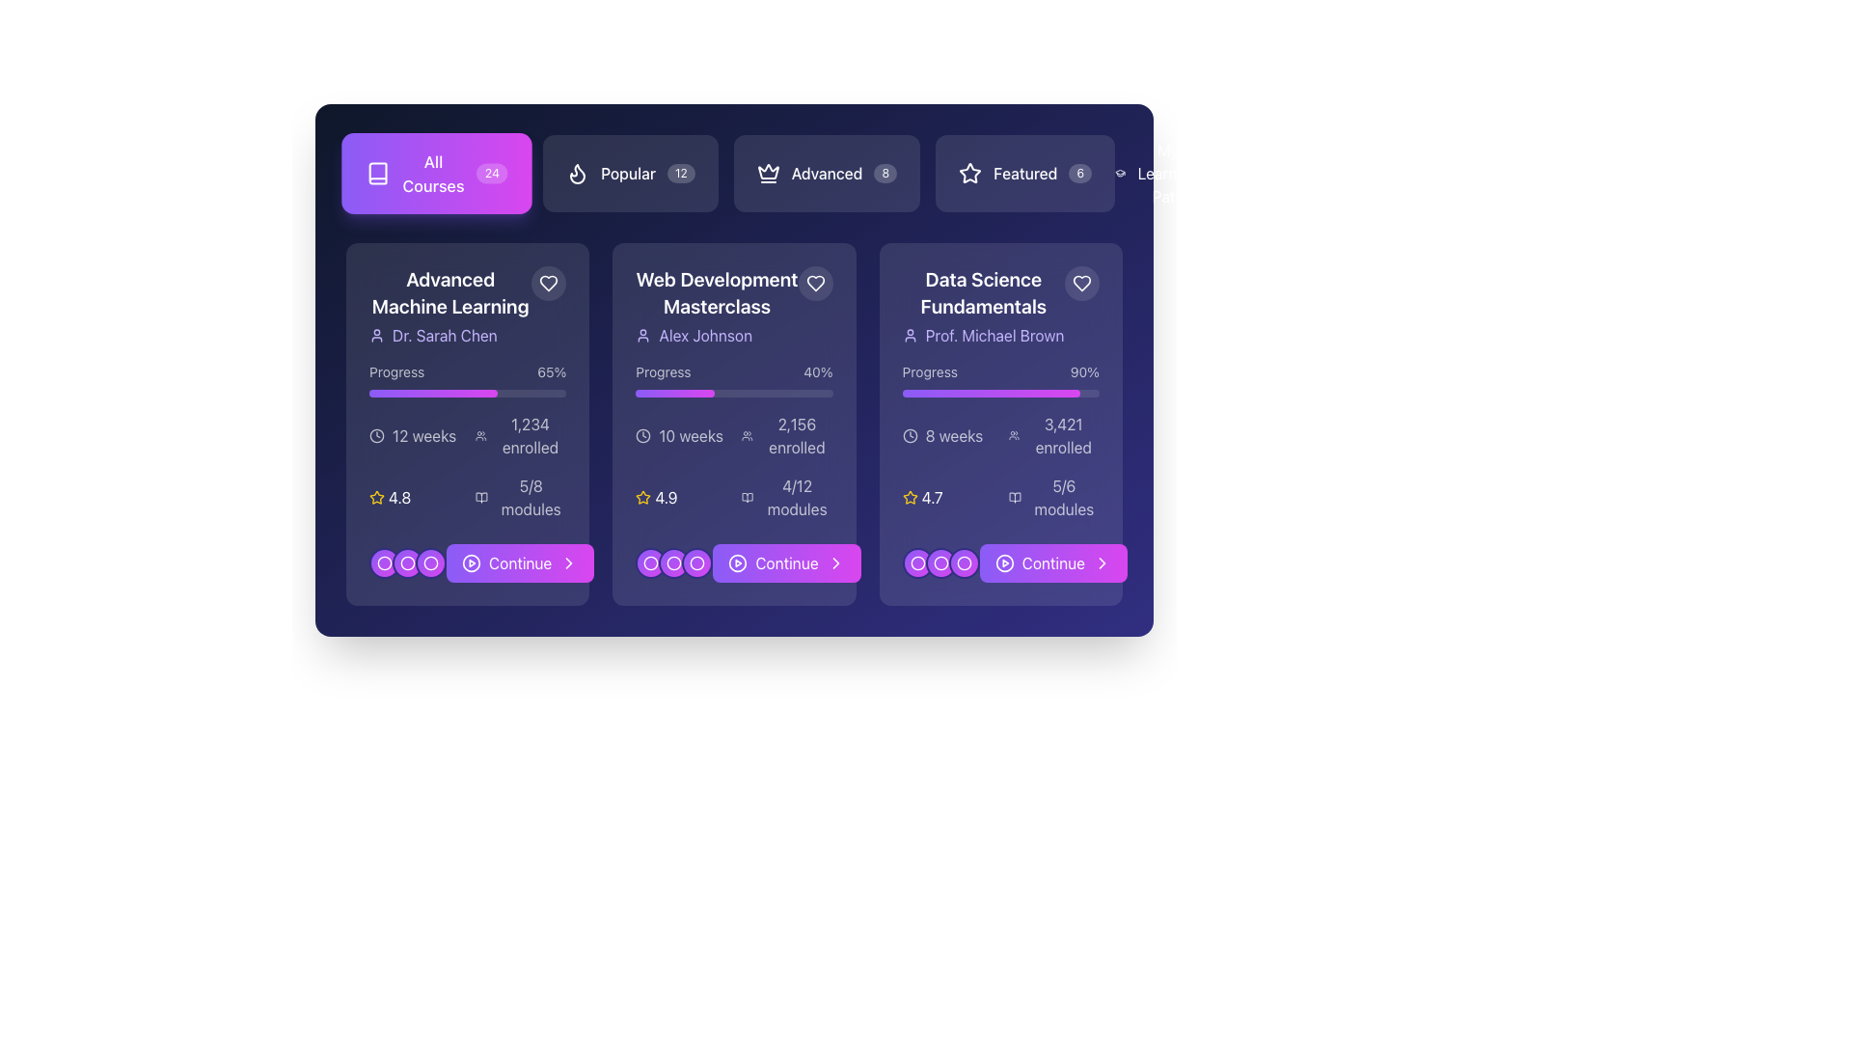  I want to click on the informational label displaying the enrollment count for the course, located in the second card of the course list, to the right of the duration information and above the course module count, so click(797, 435).